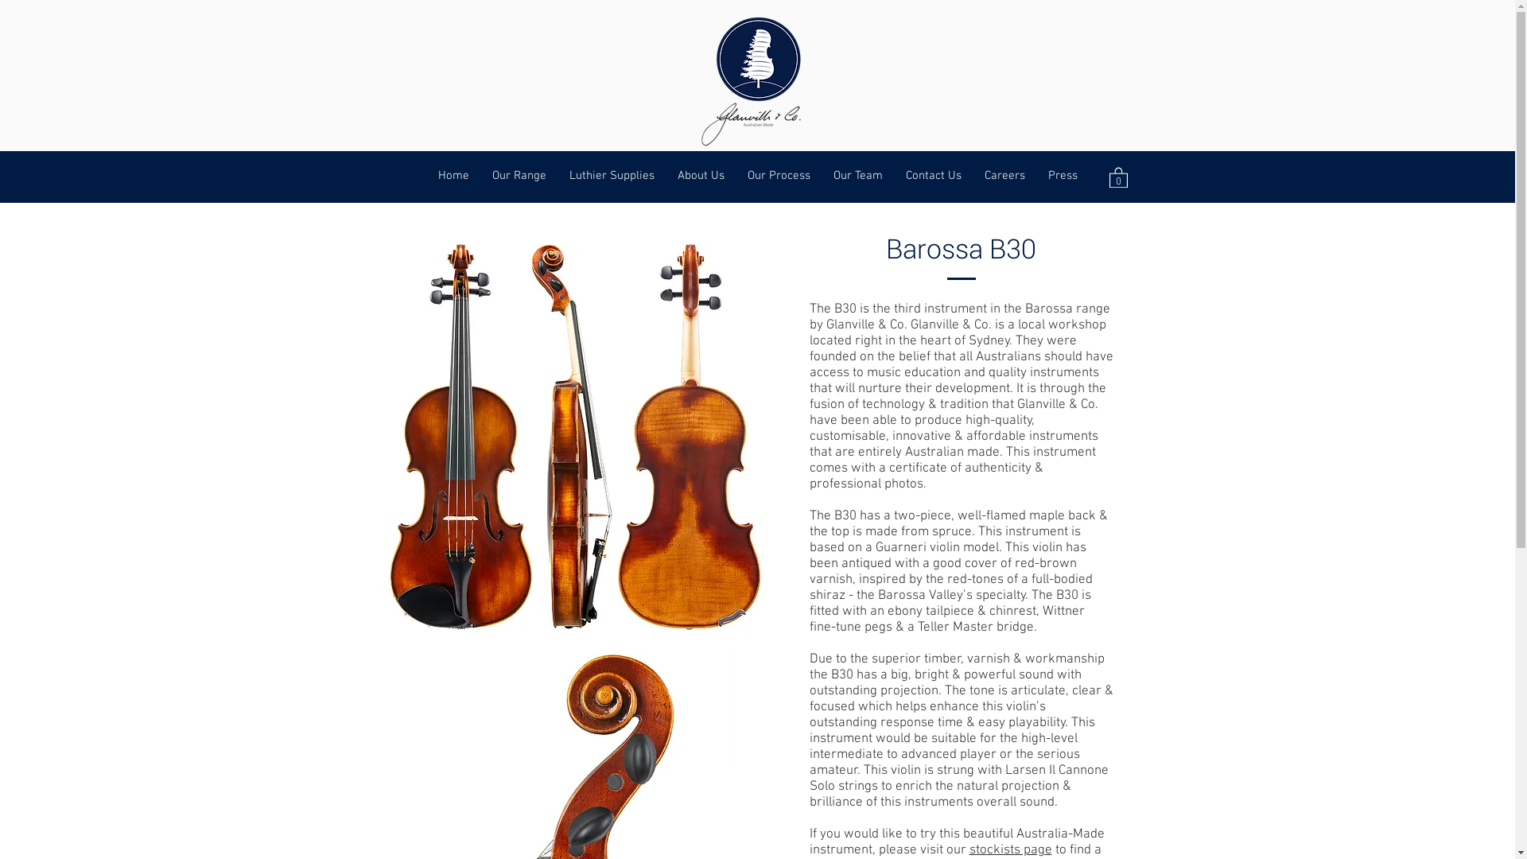 The image size is (1527, 859). Describe the element at coordinates (1037, 175) in the screenshot. I see `'Press'` at that location.